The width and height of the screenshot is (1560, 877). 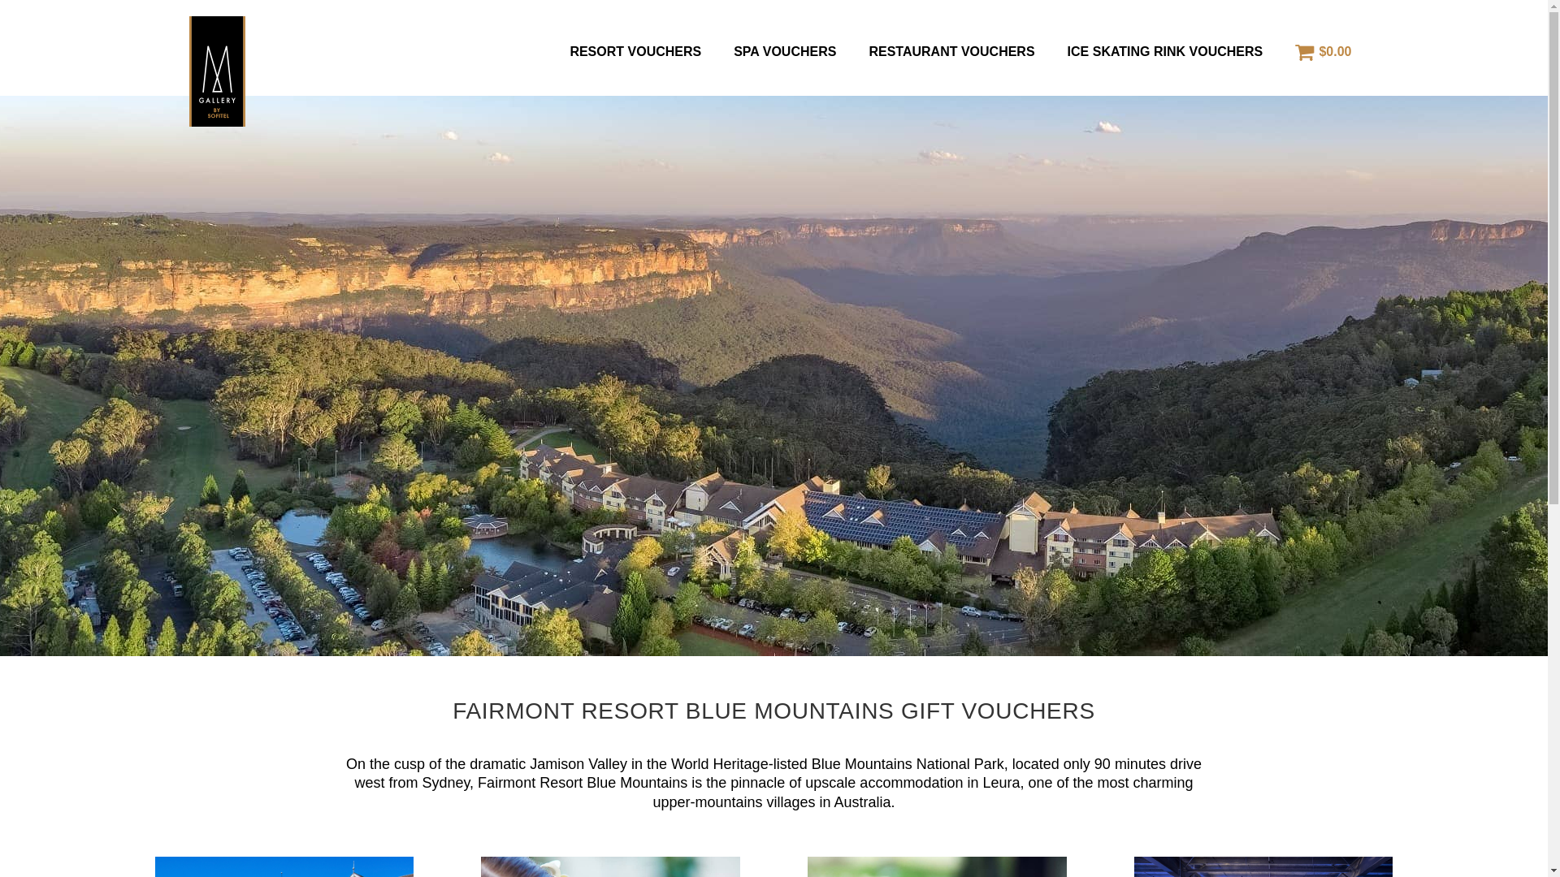 What do you see at coordinates (1323, 51) in the screenshot?
I see `'$0.00'` at bounding box center [1323, 51].